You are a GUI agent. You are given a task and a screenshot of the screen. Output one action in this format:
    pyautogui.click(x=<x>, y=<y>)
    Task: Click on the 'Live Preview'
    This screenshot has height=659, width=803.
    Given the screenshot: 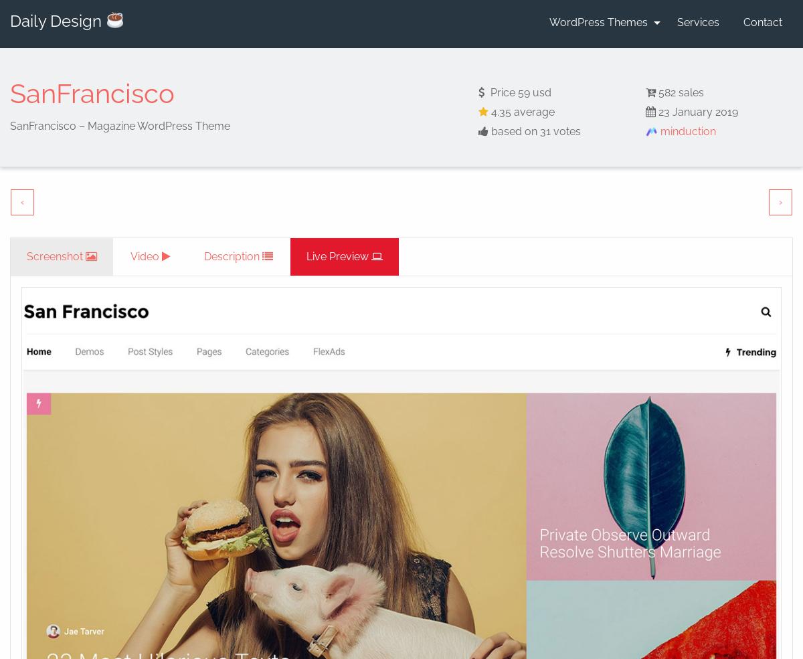 What is the action you would take?
    pyautogui.click(x=337, y=256)
    